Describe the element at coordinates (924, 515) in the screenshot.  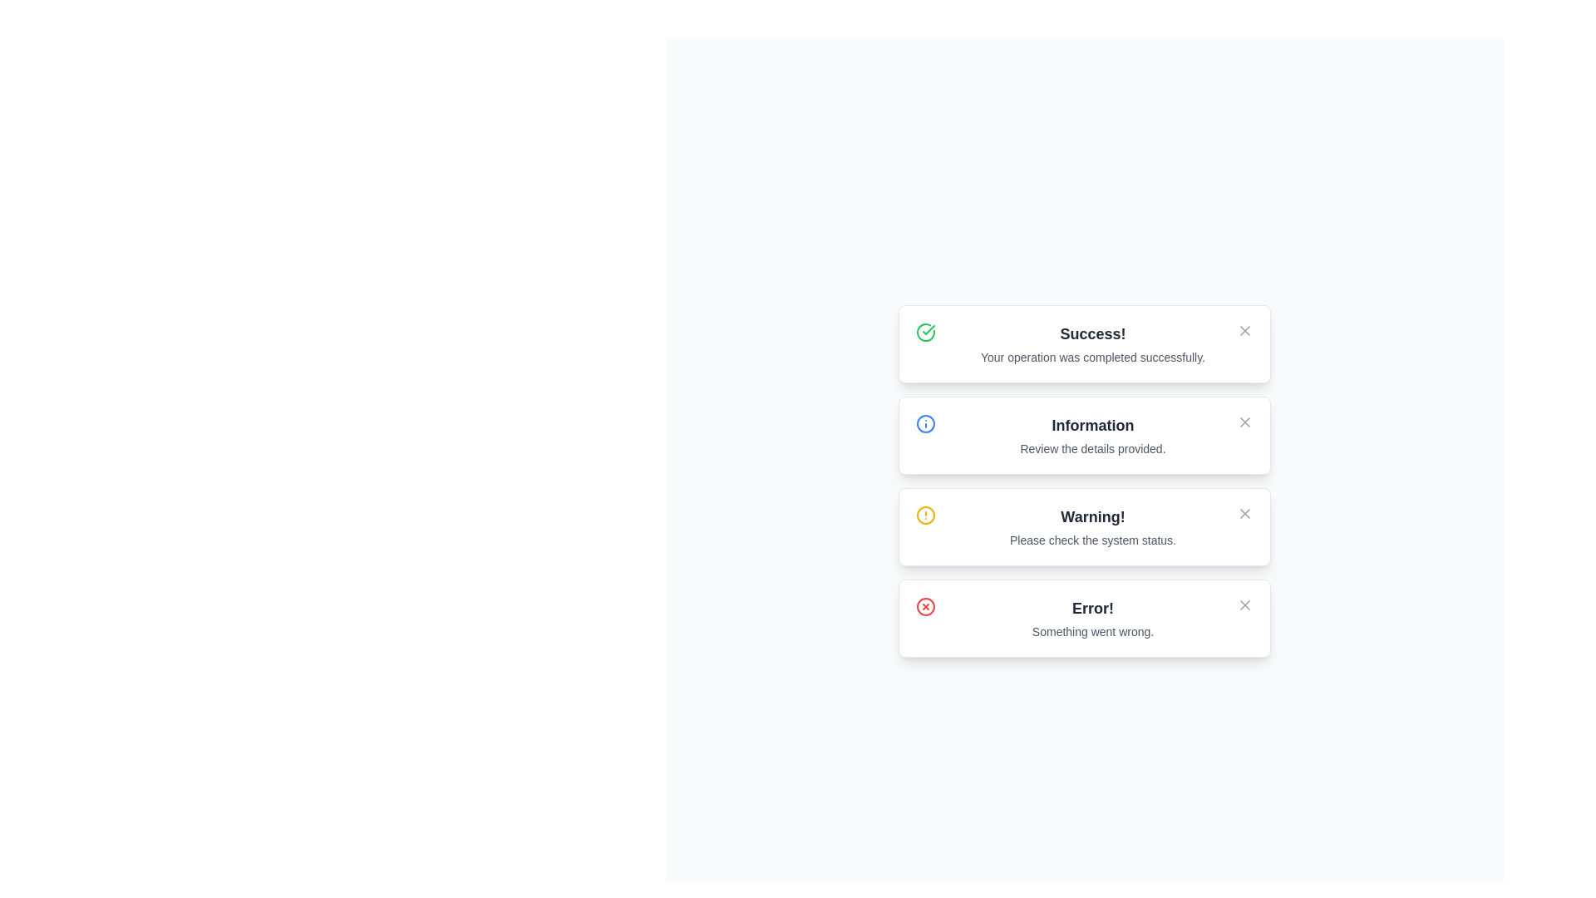
I see `the circular component of the 'Warning!' notification icon, which is the third notification from the top` at that location.